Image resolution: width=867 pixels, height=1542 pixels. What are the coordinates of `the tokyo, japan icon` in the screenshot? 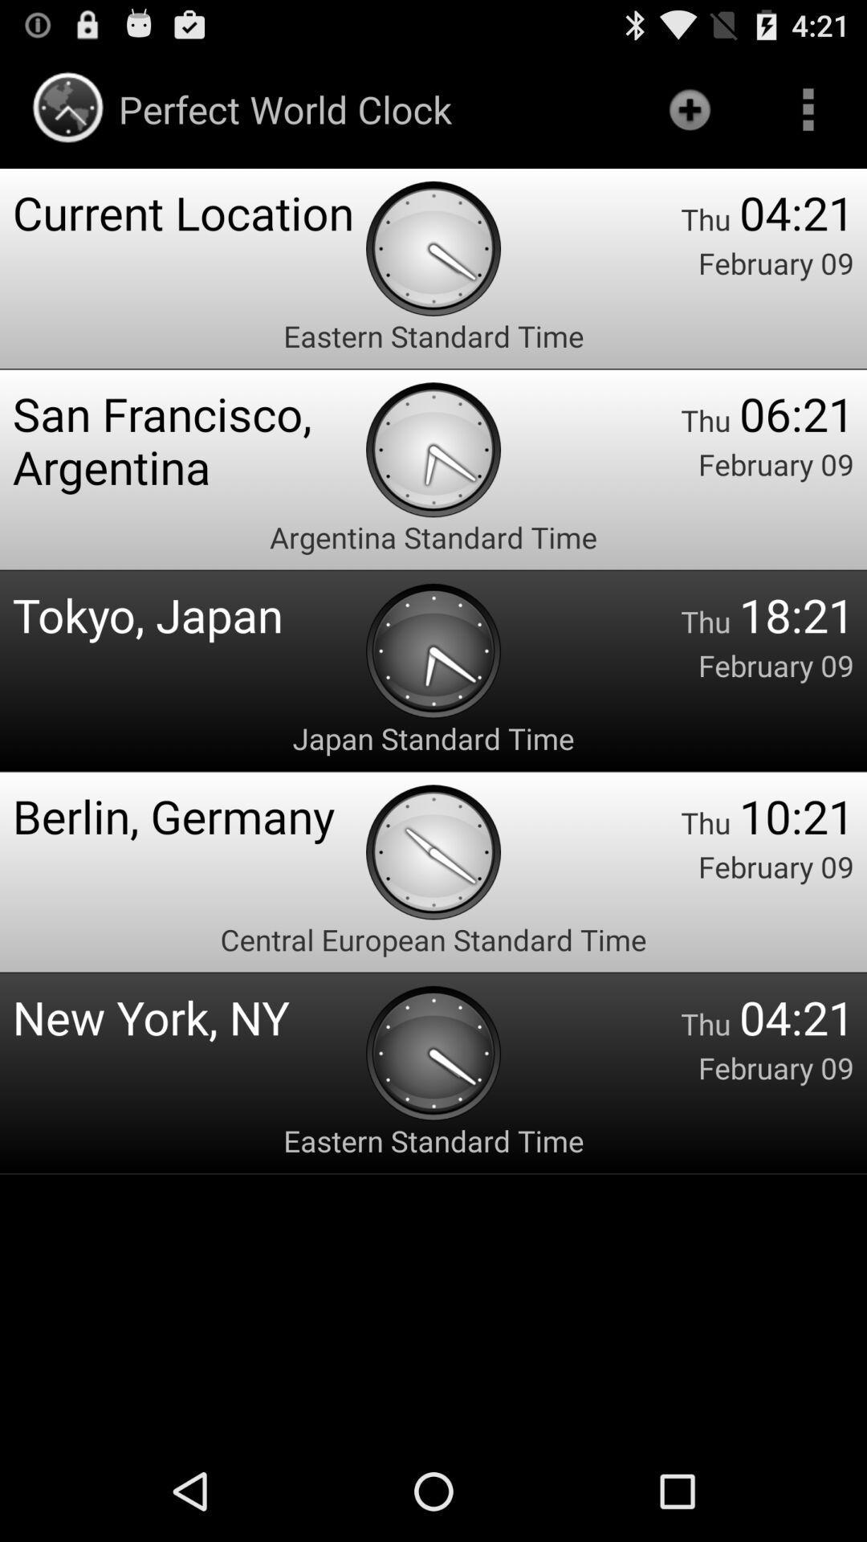 It's located at (188, 614).